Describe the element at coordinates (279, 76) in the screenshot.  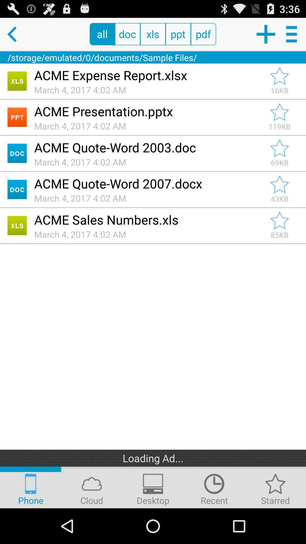
I see `bookmark element` at that location.